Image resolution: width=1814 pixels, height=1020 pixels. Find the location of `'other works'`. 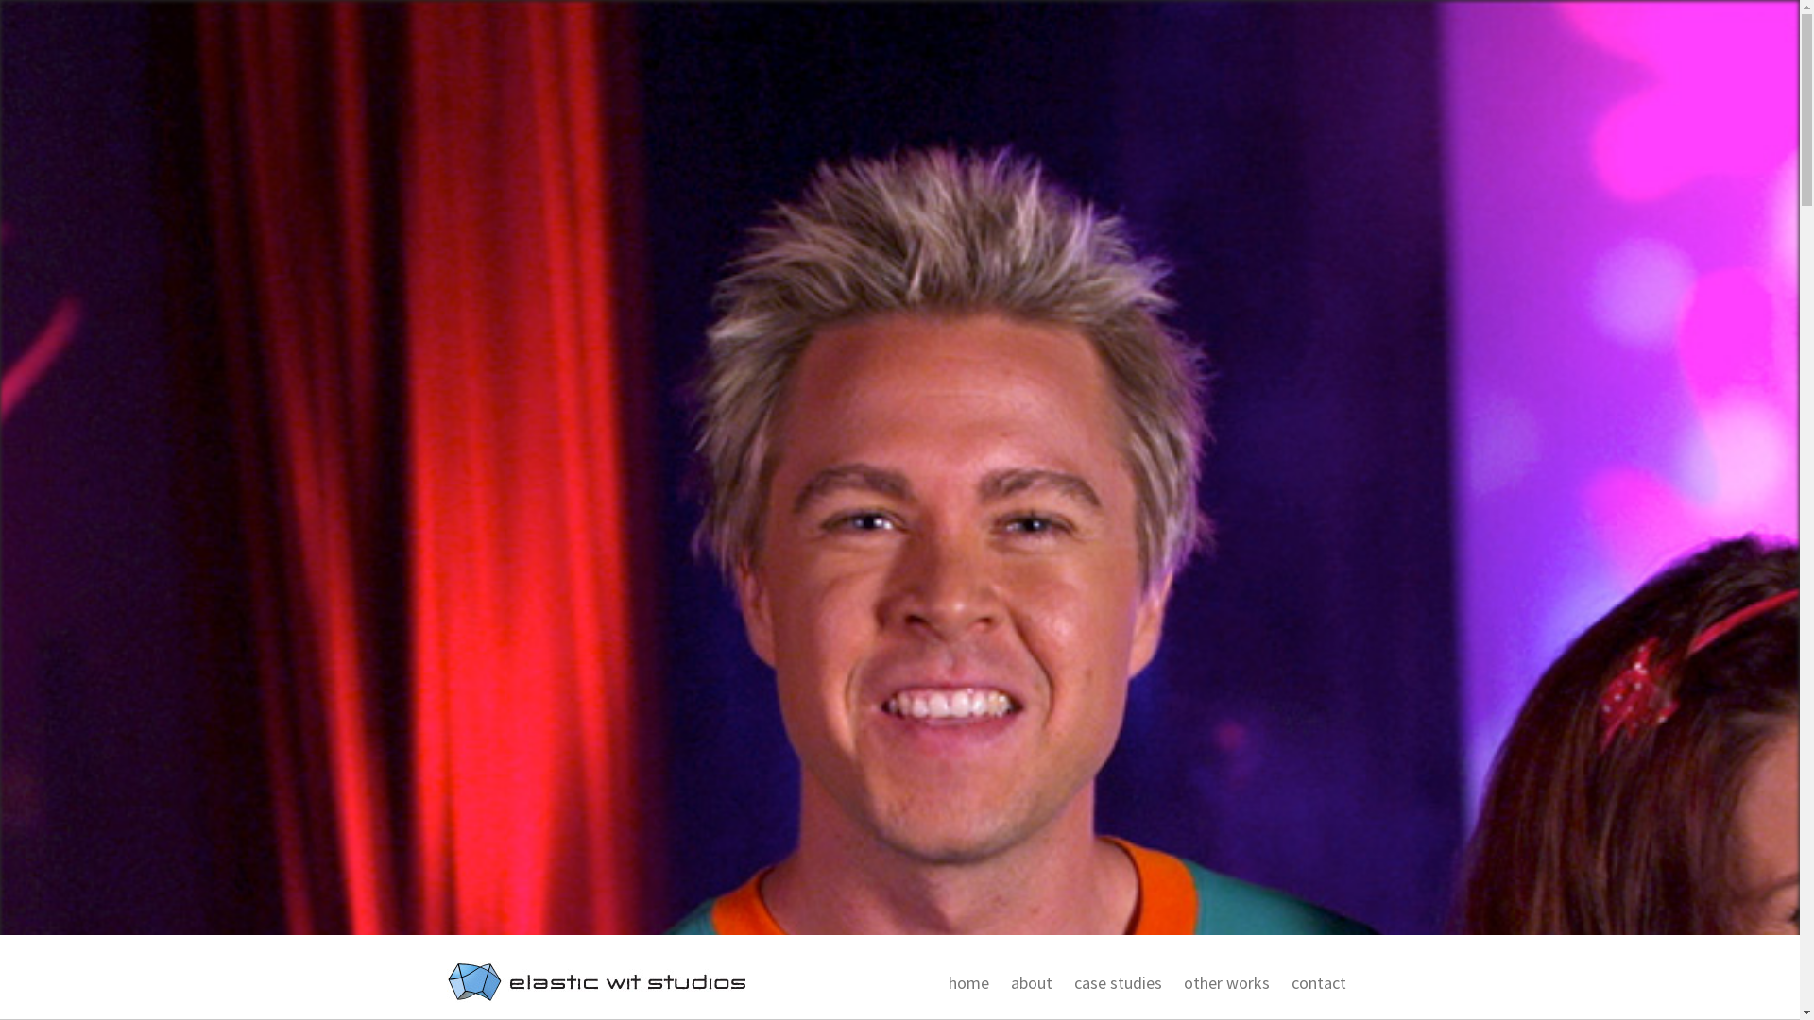

'other works' is located at coordinates (1169, 982).